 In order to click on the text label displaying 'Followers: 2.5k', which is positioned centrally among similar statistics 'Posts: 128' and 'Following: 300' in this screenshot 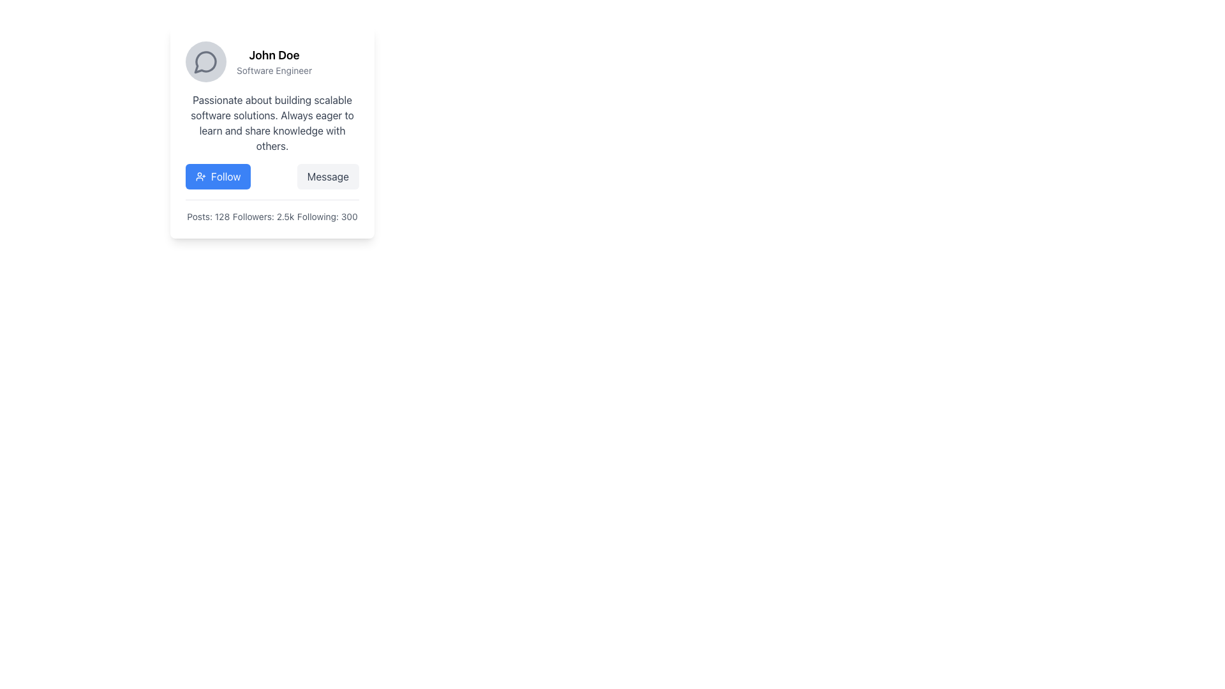, I will do `click(263, 216)`.